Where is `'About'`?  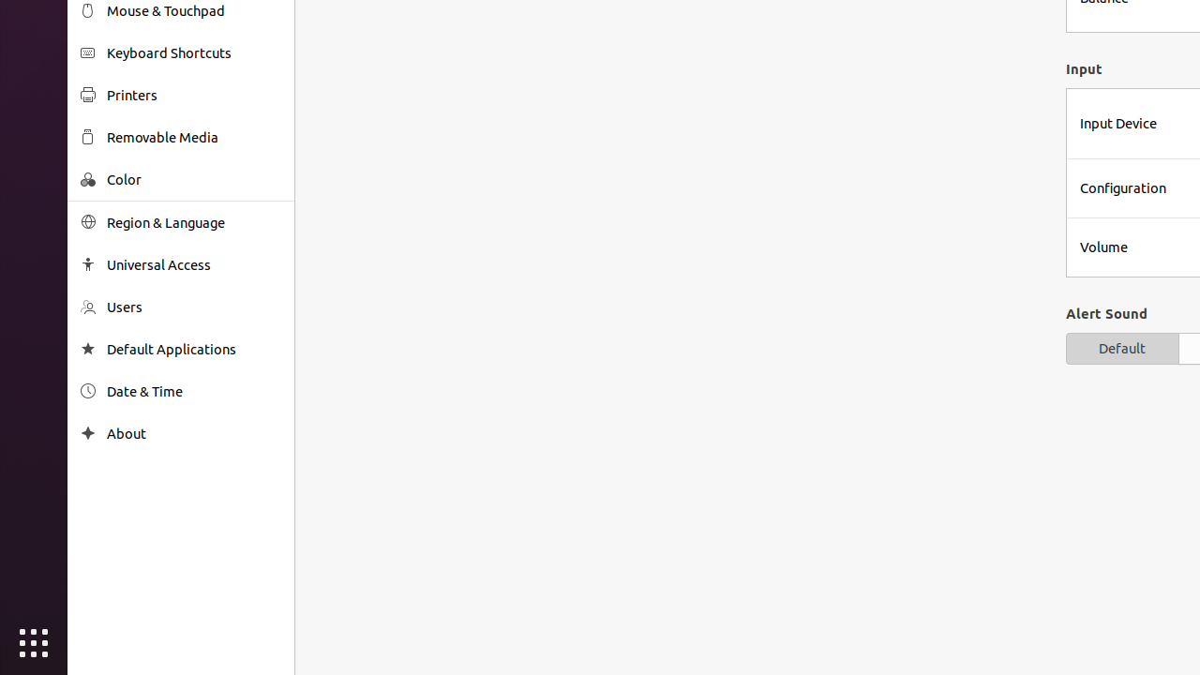 'About' is located at coordinates (193, 433).